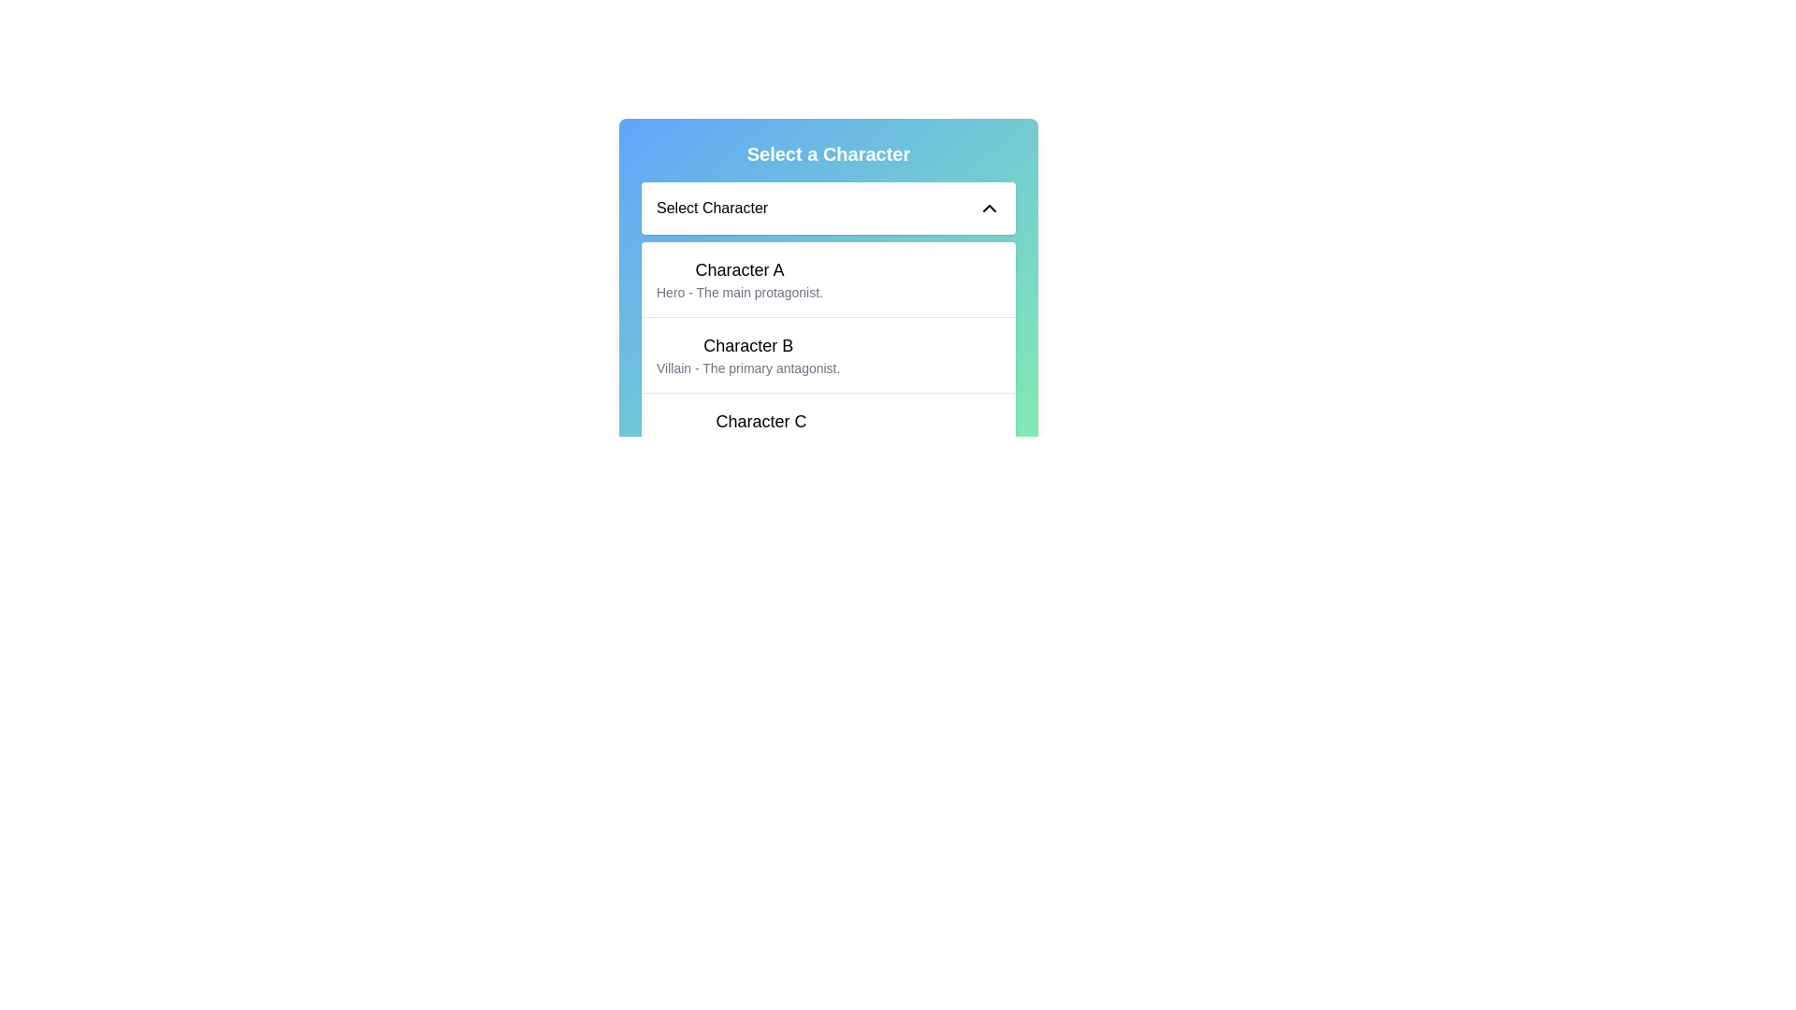 Image resolution: width=1796 pixels, height=1010 pixels. What do you see at coordinates (748, 346) in the screenshot?
I see `the bolded text label displaying 'Character B' to potentially select the corresponding character in the character selection dropdown list` at bounding box center [748, 346].